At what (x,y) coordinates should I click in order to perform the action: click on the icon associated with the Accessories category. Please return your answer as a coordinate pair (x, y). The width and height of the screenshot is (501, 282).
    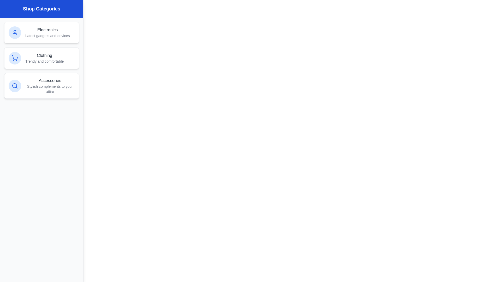
    Looking at the image, I should click on (15, 85).